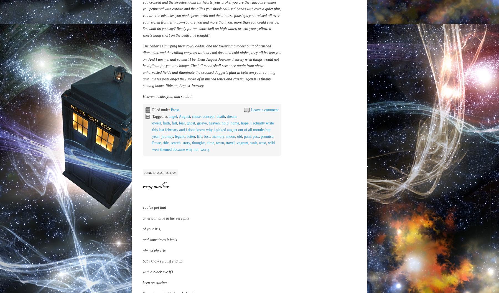 The image size is (499, 293). What do you see at coordinates (166, 247) in the screenshot?
I see `'faith'` at bounding box center [166, 247].